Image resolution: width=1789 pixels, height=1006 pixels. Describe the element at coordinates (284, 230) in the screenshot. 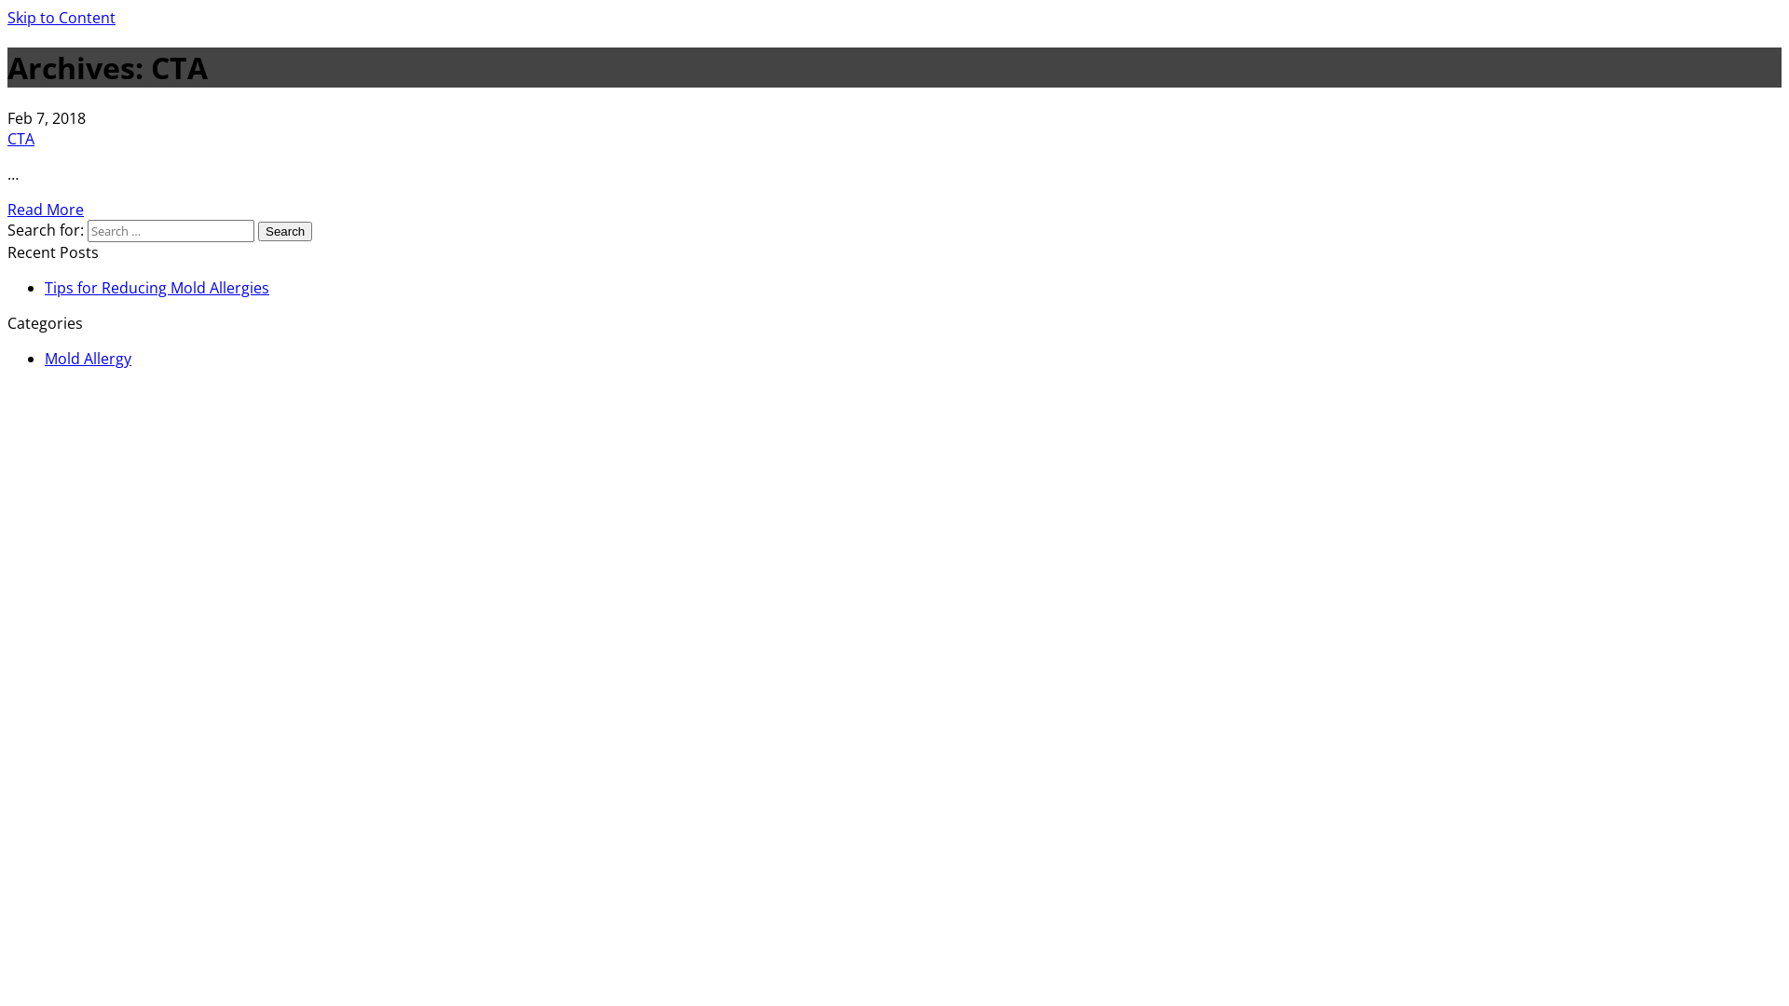

I see `'Search'` at that location.